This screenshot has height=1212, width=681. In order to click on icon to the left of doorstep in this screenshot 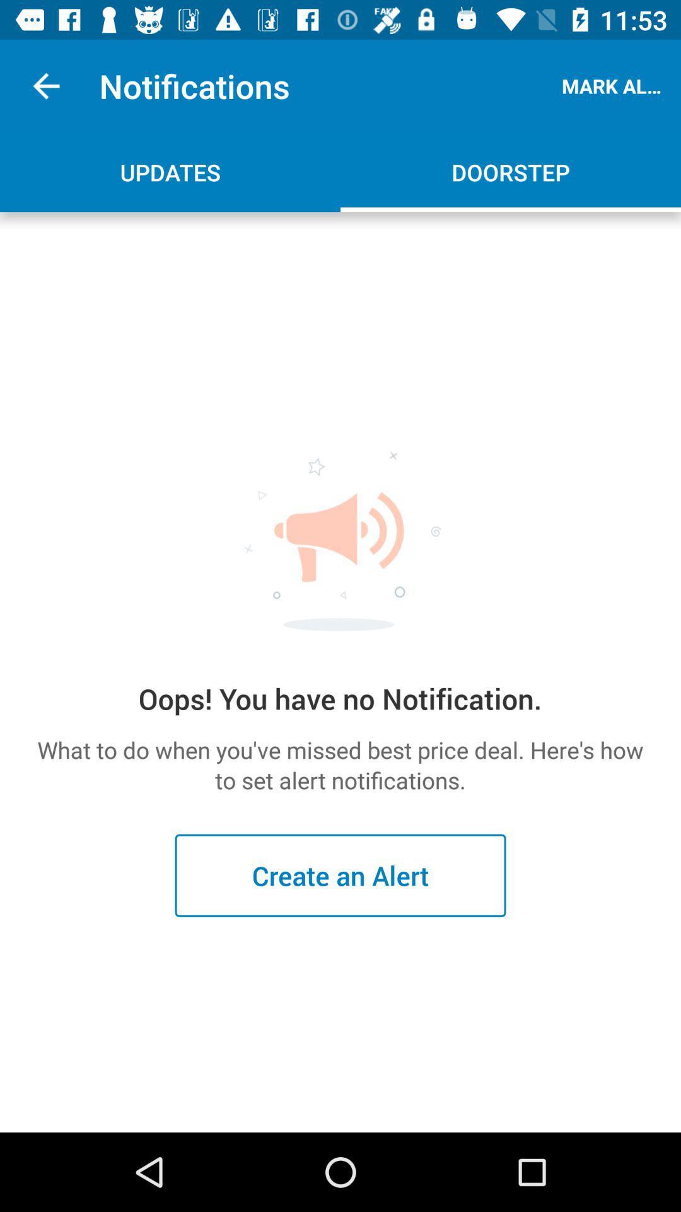, I will do `click(170, 172)`.